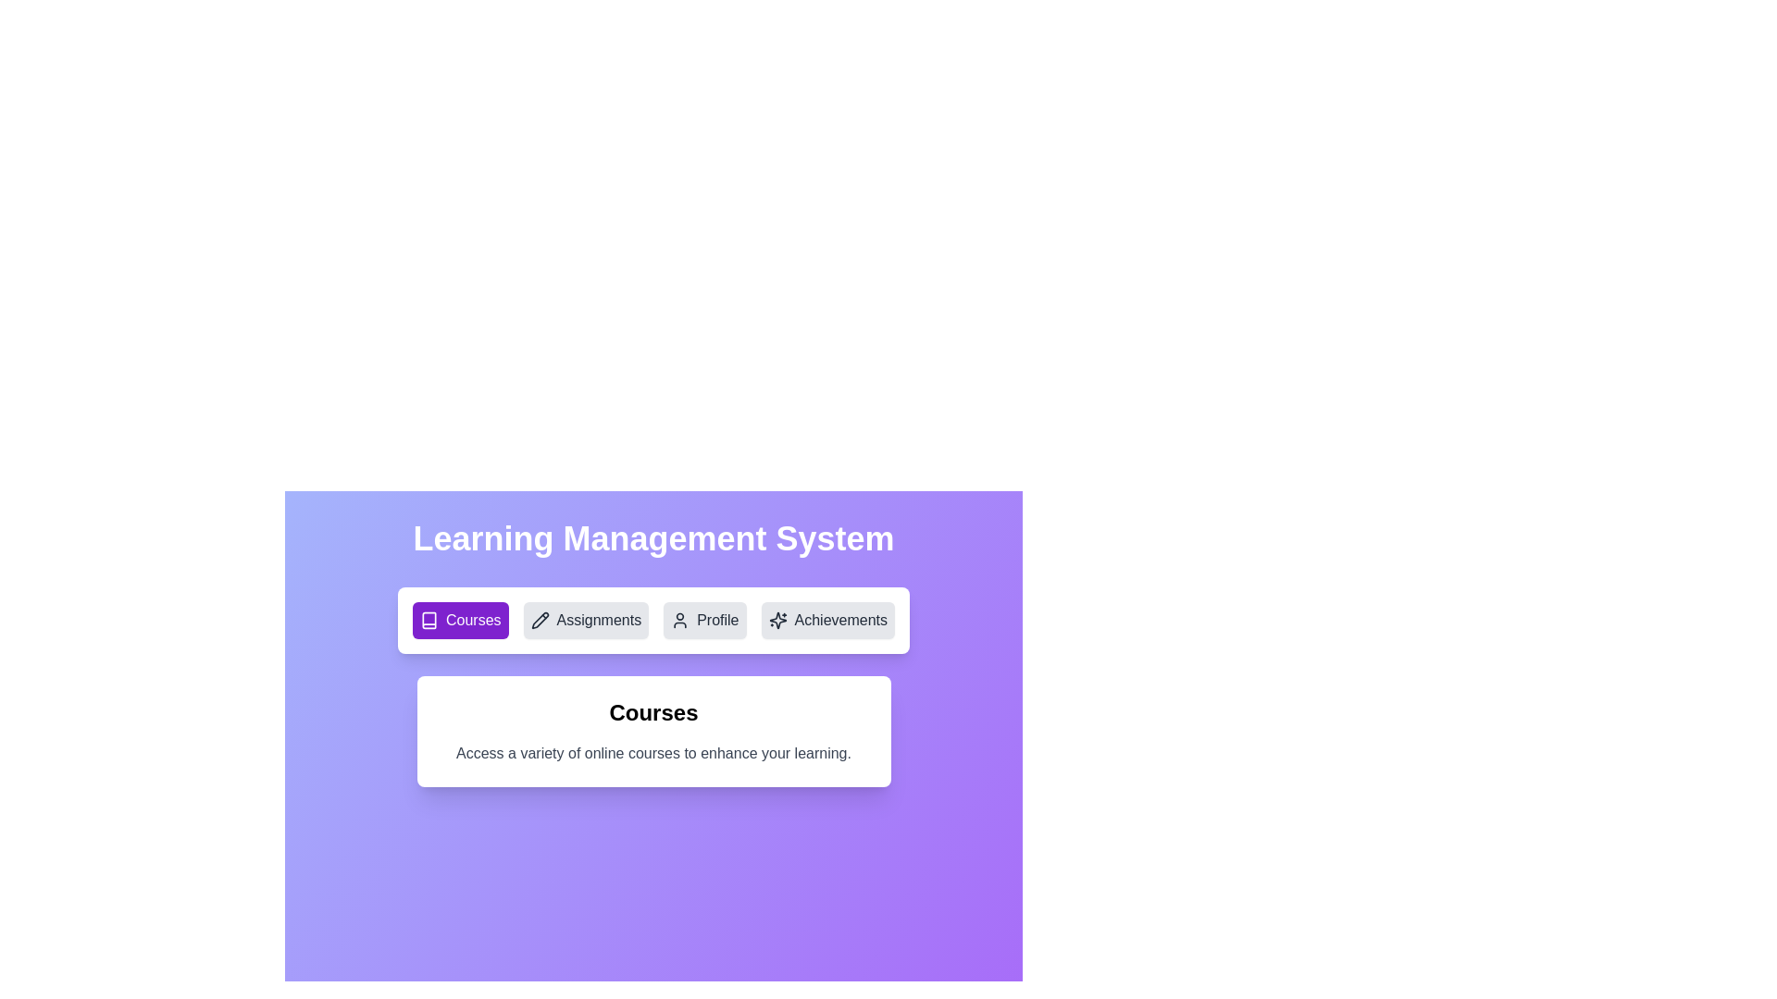  Describe the element at coordinates (703, 621) in the screenshot. I see `the Profile tab to observe its hover effect` at that location.